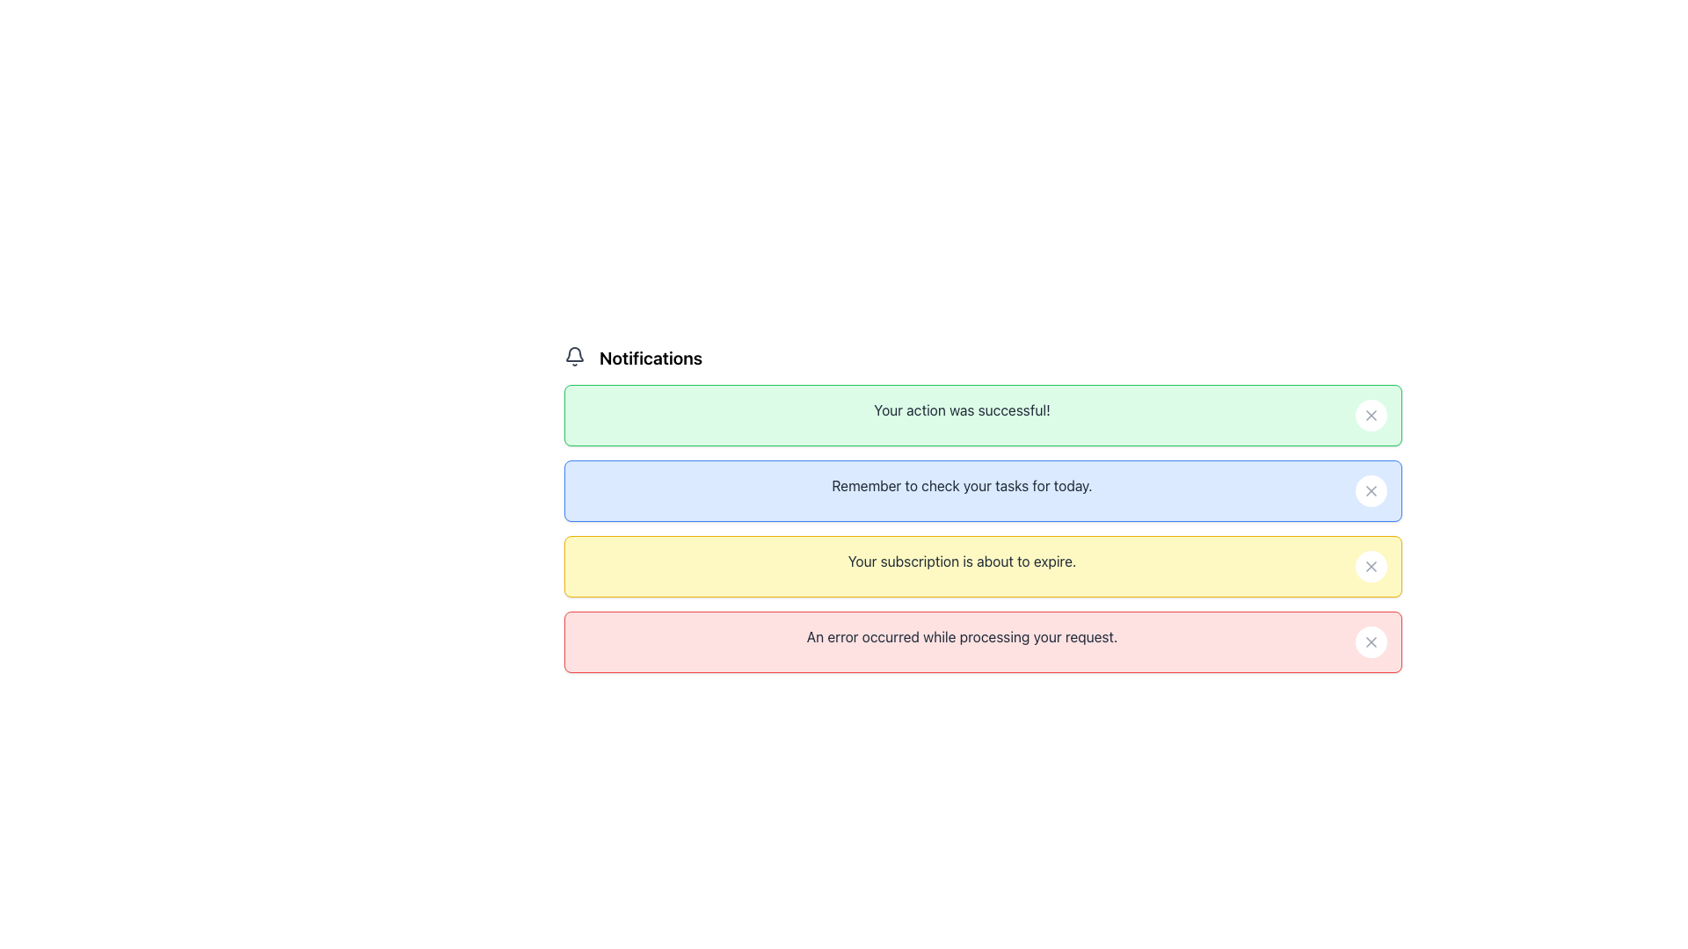  Describe the element at coordinates (1371, 416) in the screenshot. I see `the close icon button located on the right side of the green notification box` at that location.